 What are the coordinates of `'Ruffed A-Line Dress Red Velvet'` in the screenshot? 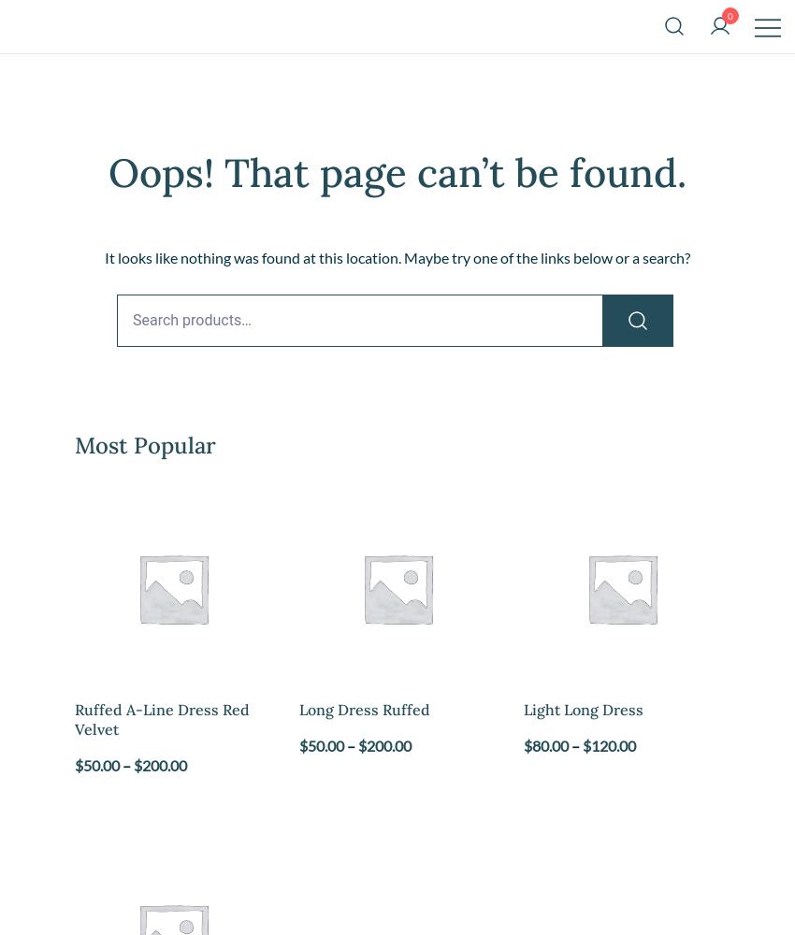 It's located at (161, 718).